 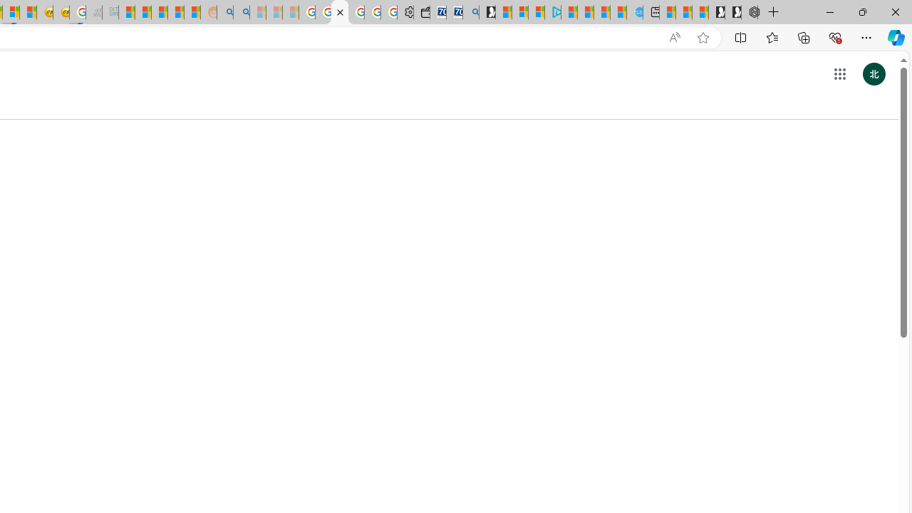 What do you see at coordinates (241, 12) in the screenshot?
I see `'Utah sues federal government - Search'` at bounding box center [241, 12].